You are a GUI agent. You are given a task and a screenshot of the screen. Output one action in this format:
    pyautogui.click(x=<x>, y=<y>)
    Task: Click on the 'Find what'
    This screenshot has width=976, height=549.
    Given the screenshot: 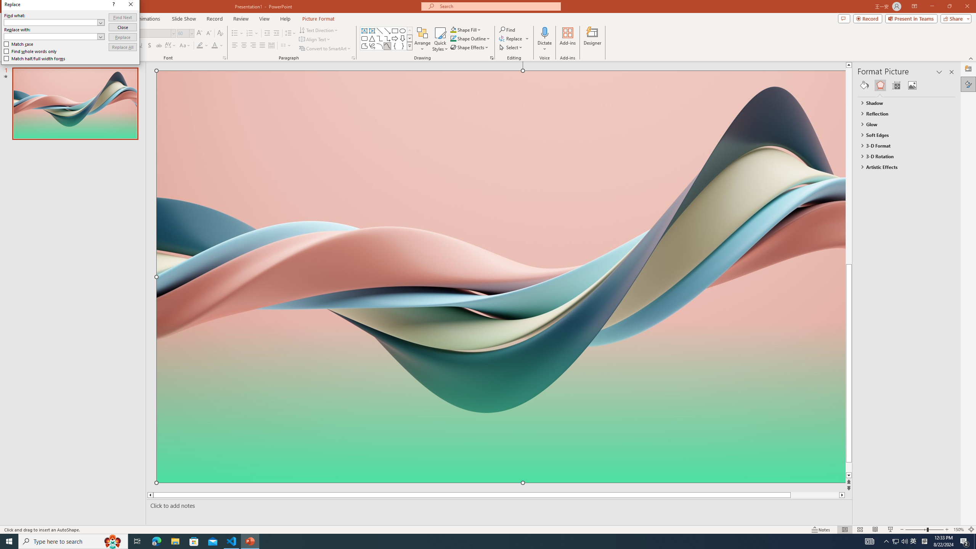 What is the action you would take?
    pyautogui.click(x=51, y=22)
    